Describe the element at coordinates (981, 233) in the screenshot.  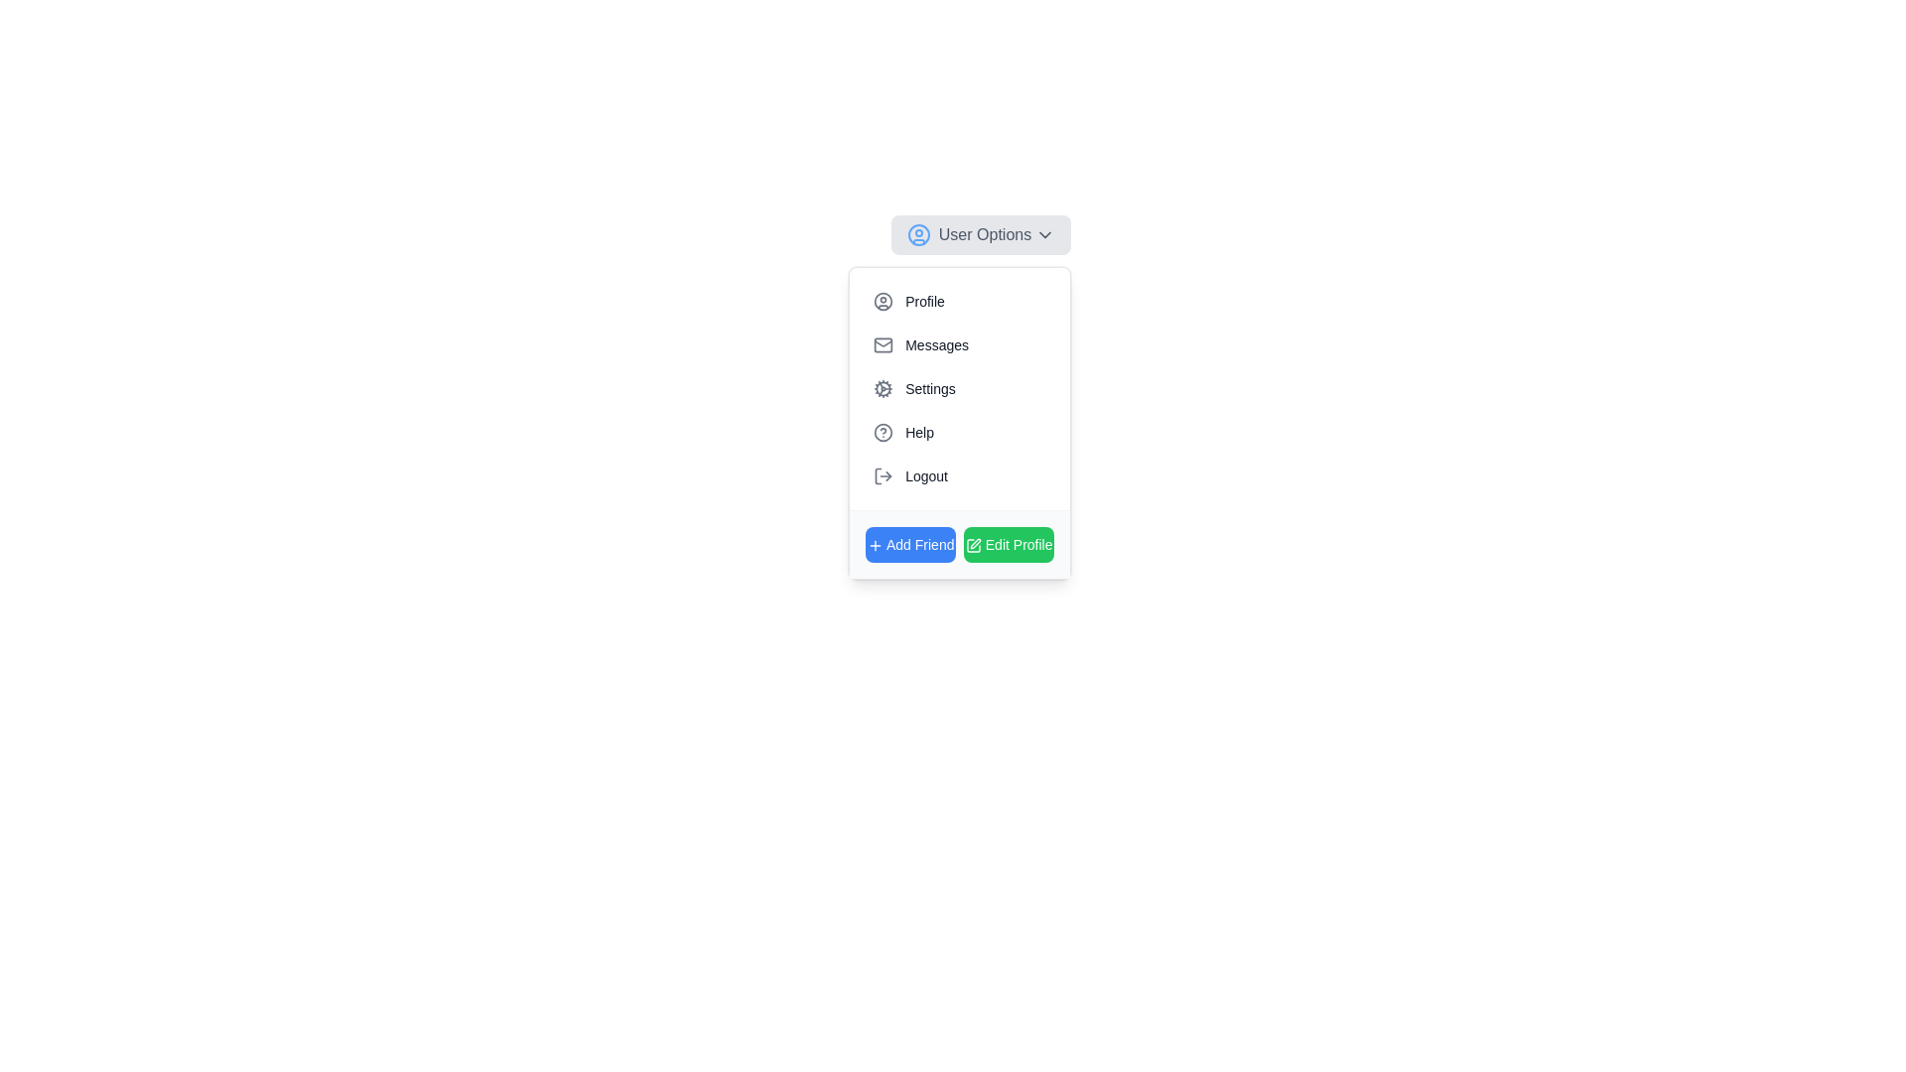
I see `the 'User Options' dropdown menu trigger, which features a user profile icon on the left and a downward-facing arrow on the right` at that location.